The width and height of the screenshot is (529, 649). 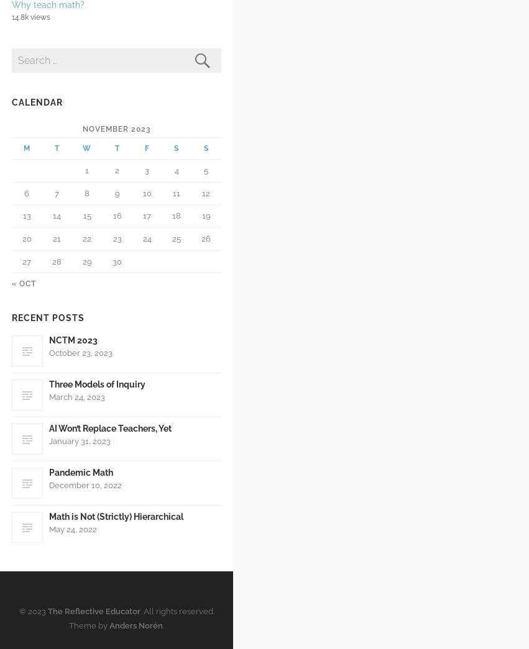 What do you see at coordinates (116, 216) in the screenshot?
I see `'16'` at bounding box center [116, 216].